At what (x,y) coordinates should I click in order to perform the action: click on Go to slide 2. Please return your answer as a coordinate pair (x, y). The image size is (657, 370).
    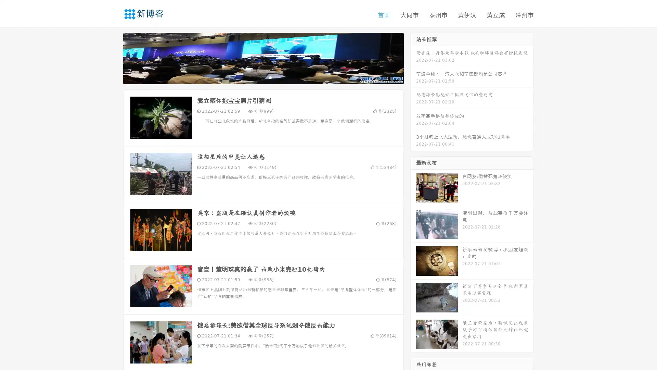
    Looking at the image, I should click on (263, 77).